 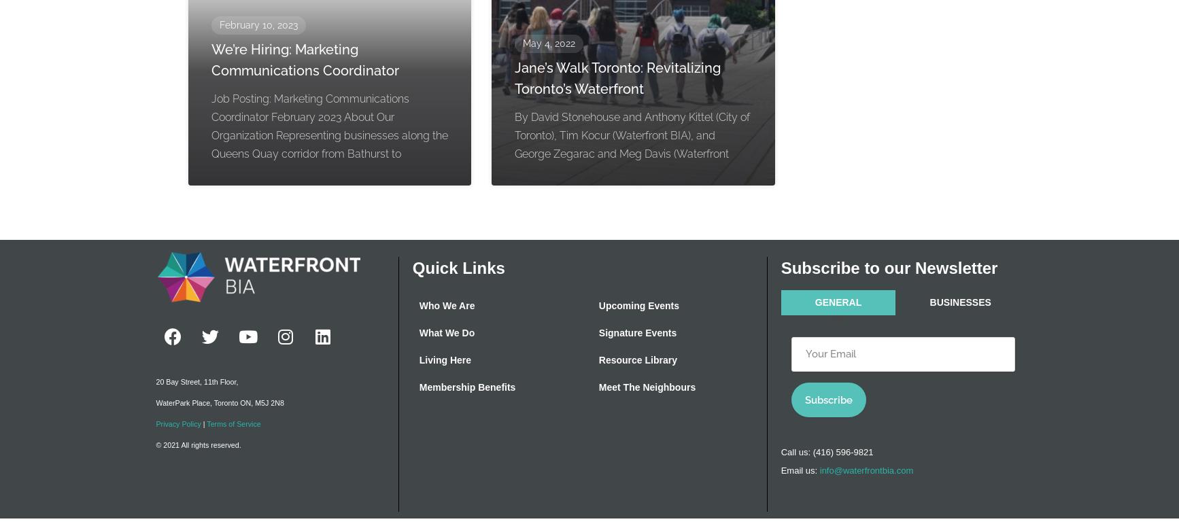 What do you see at coordinates (647, 387) in the screenshot?
I see `'Meet The Neighbours'` at bounding box center [647, 387].